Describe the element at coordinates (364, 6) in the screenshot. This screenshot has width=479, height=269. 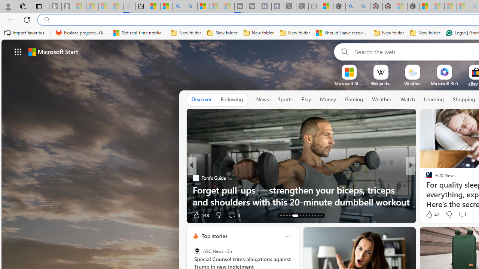
I see `'poe ++ standard - Search'` at that location.